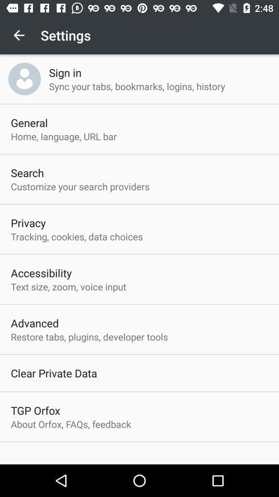  Describe the element at coordinates (65, 72) in the screenshot. I see `the icon below the settings app` at that location.